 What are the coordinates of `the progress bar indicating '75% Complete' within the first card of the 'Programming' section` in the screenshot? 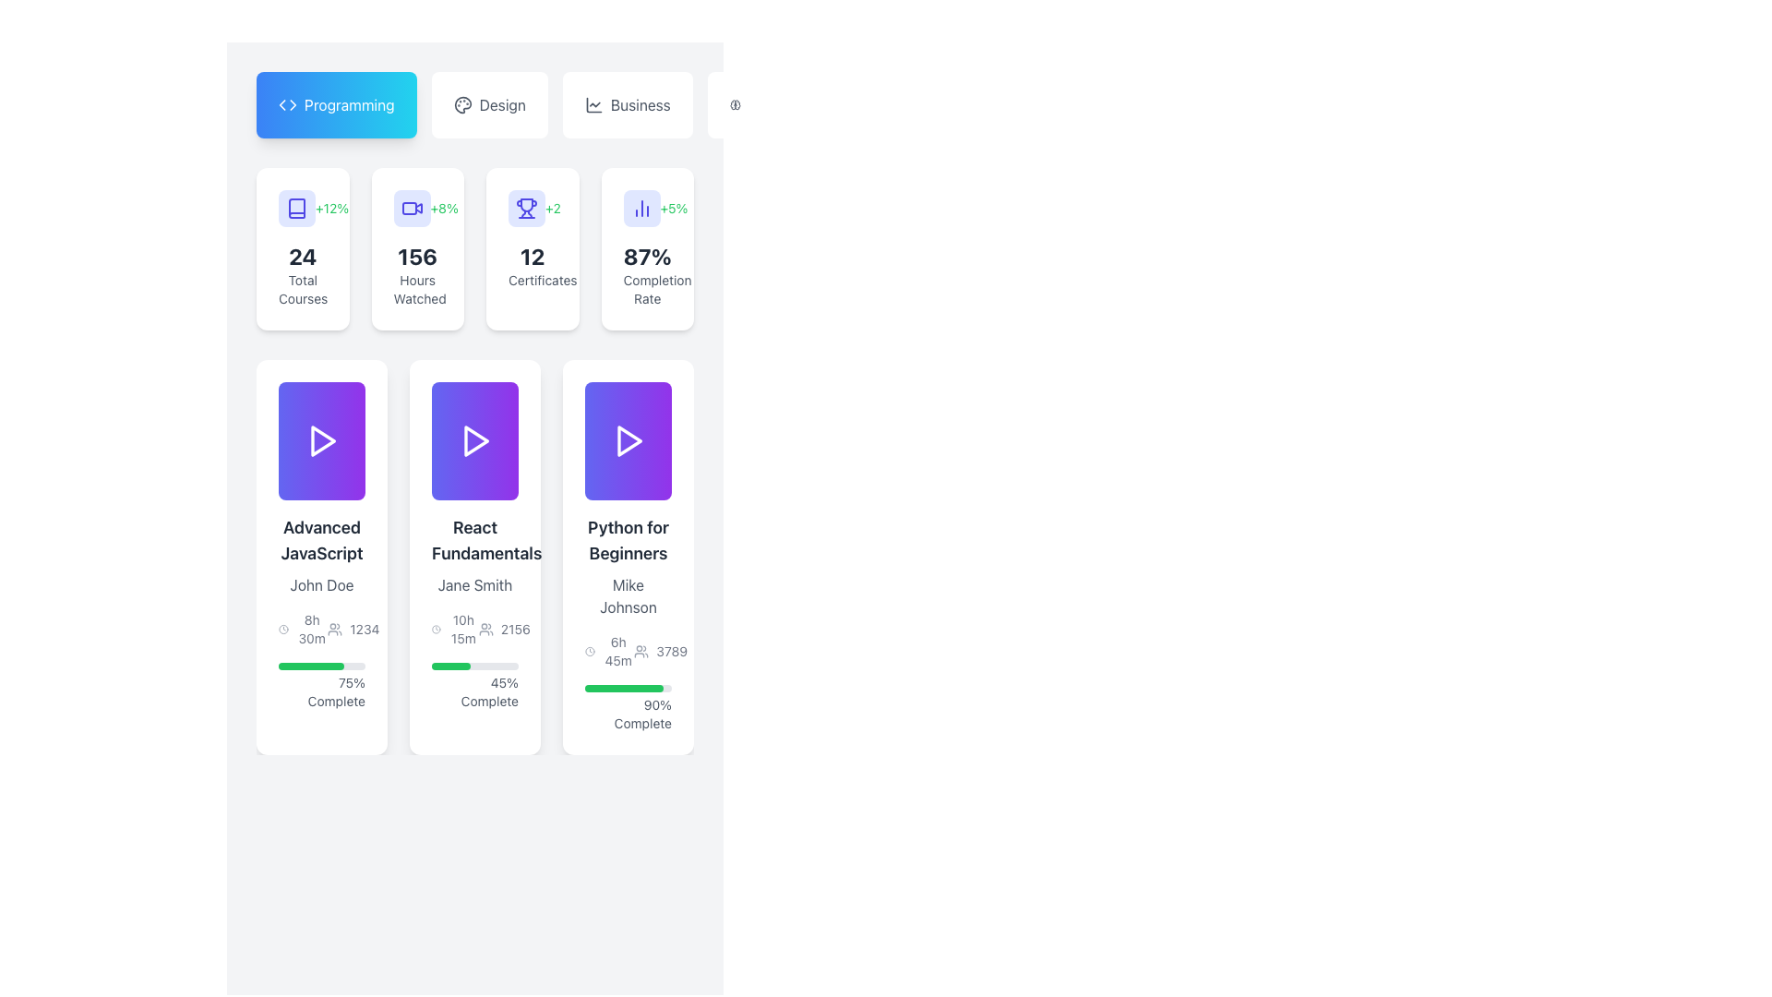 It's located at (311, 666).